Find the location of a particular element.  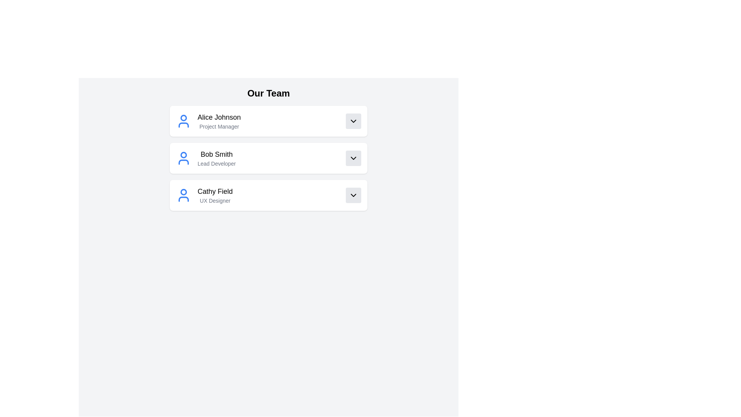

the dropdown button for team member 'Bob Smith', the 'Lead Developer', which is represented by a downward-facing chevron icon with a light gray background and rounded corners is located at coordinates (353, 158).